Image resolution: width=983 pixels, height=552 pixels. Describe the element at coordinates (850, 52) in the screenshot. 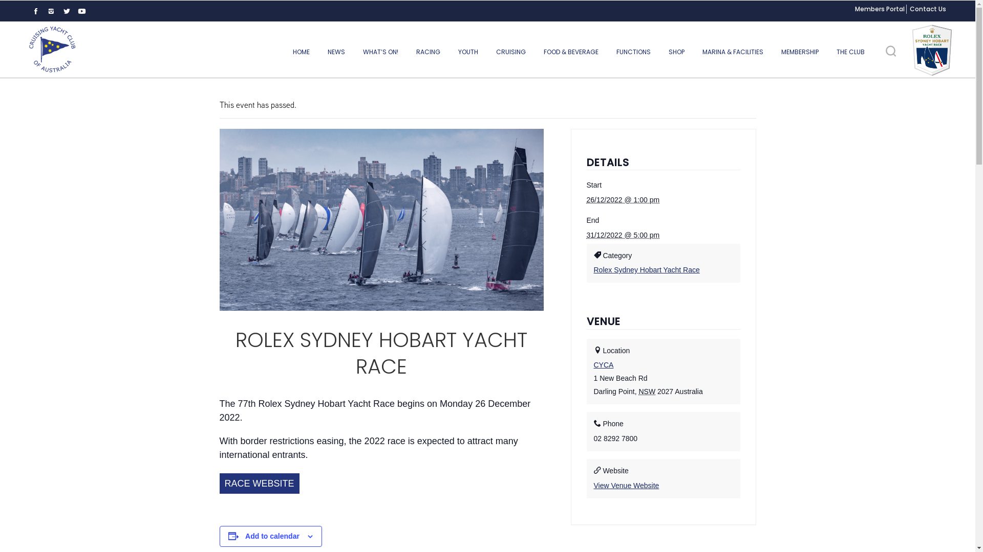

I see `'THE CLUB'` at that location.